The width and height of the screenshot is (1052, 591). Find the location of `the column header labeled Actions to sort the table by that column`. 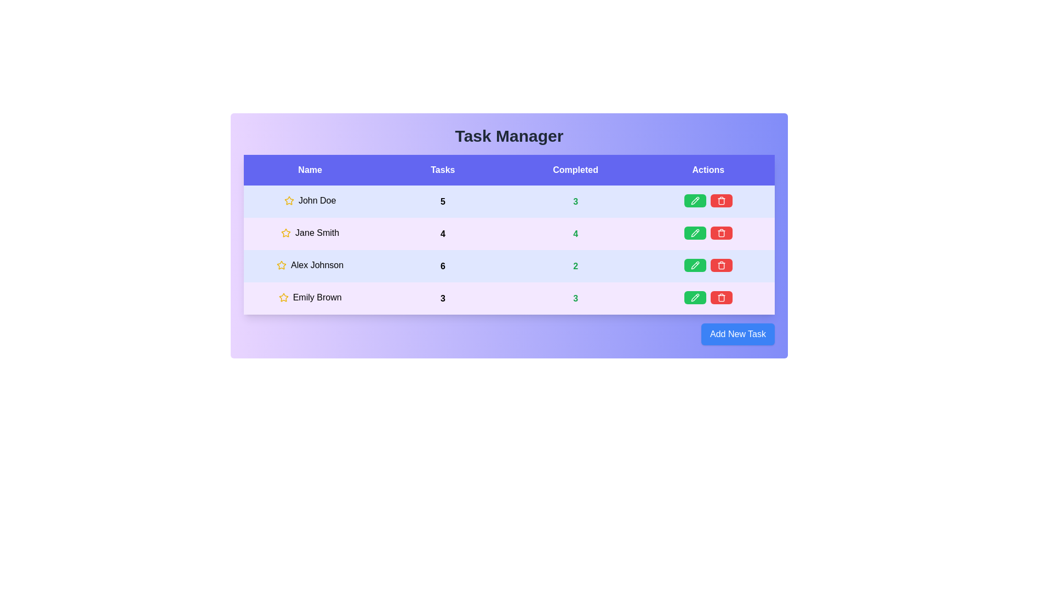

the column header labeled Actions to sort the table by that column is located at coordinates (708, 170).